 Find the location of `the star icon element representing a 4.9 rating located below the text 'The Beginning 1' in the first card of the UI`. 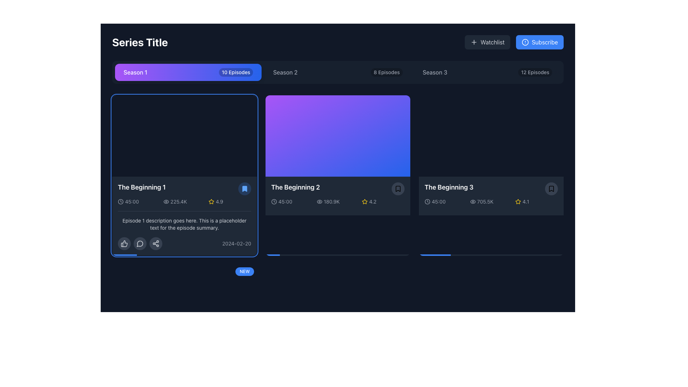

the star icon element representing a 4.9 rating located below the text 'The Beginning 1' in the first card of the UI is located at coordinates (211, 371).